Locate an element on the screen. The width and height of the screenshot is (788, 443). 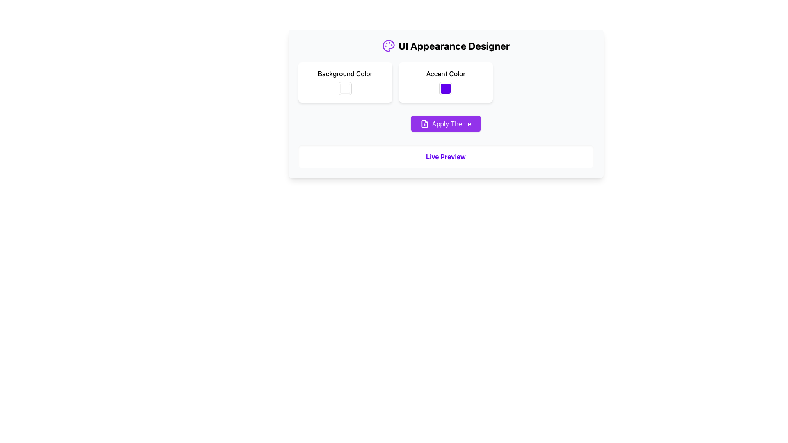
the Color Selection Component located is located at coordinates (445, 82).